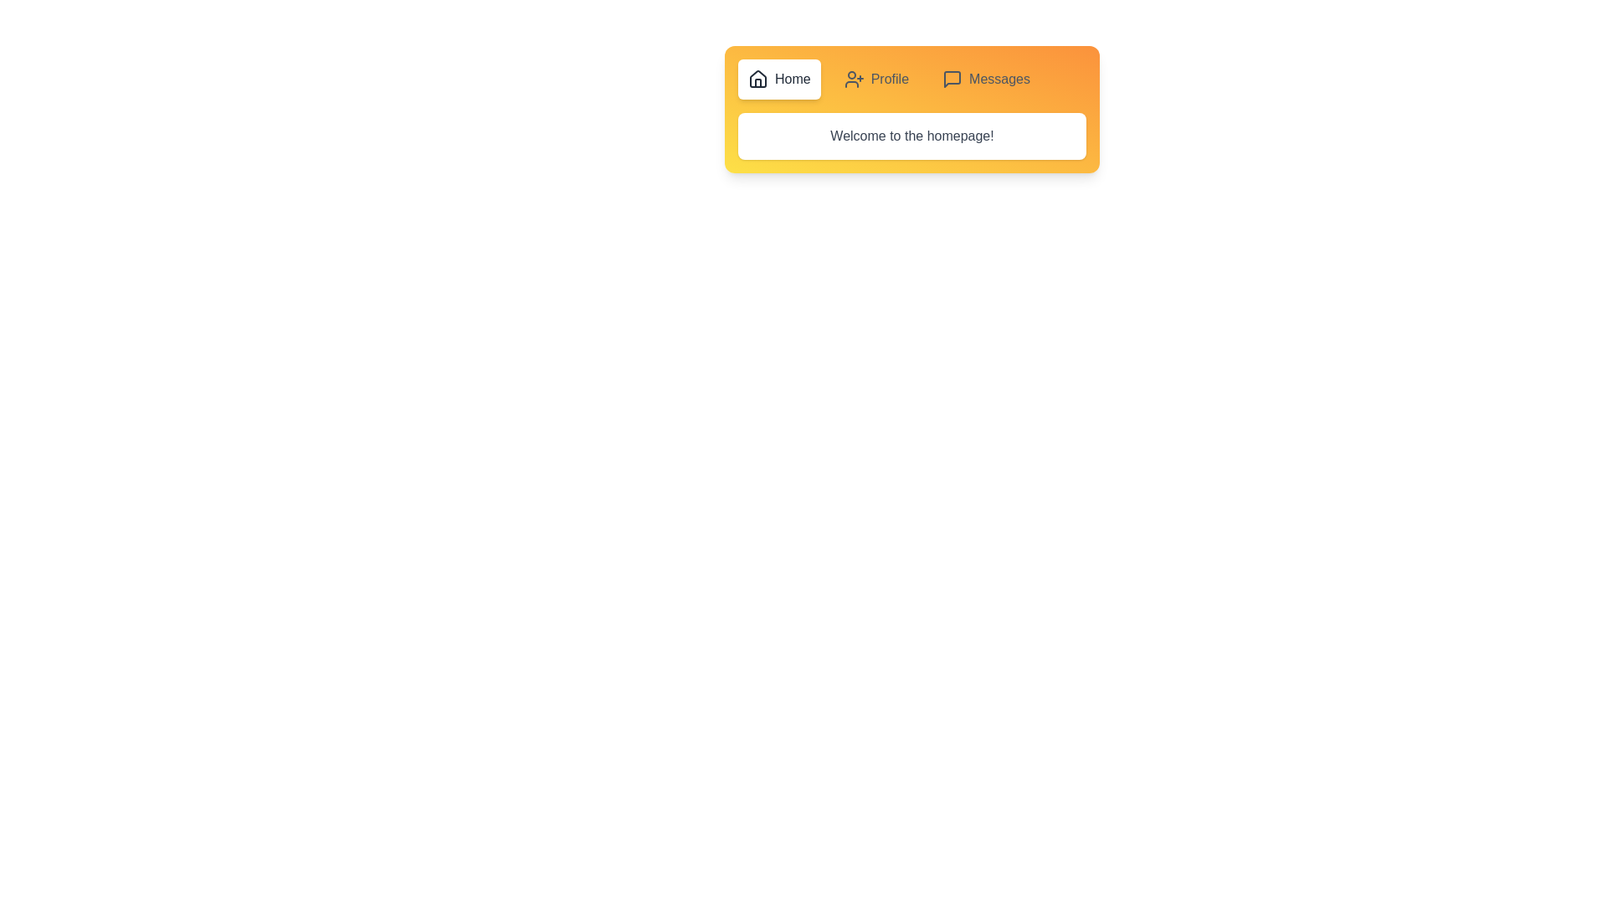  Describe the element at coordinates (778, 80) in the screenshot. I see `the Home tab by clicking on its respective button` at that location.